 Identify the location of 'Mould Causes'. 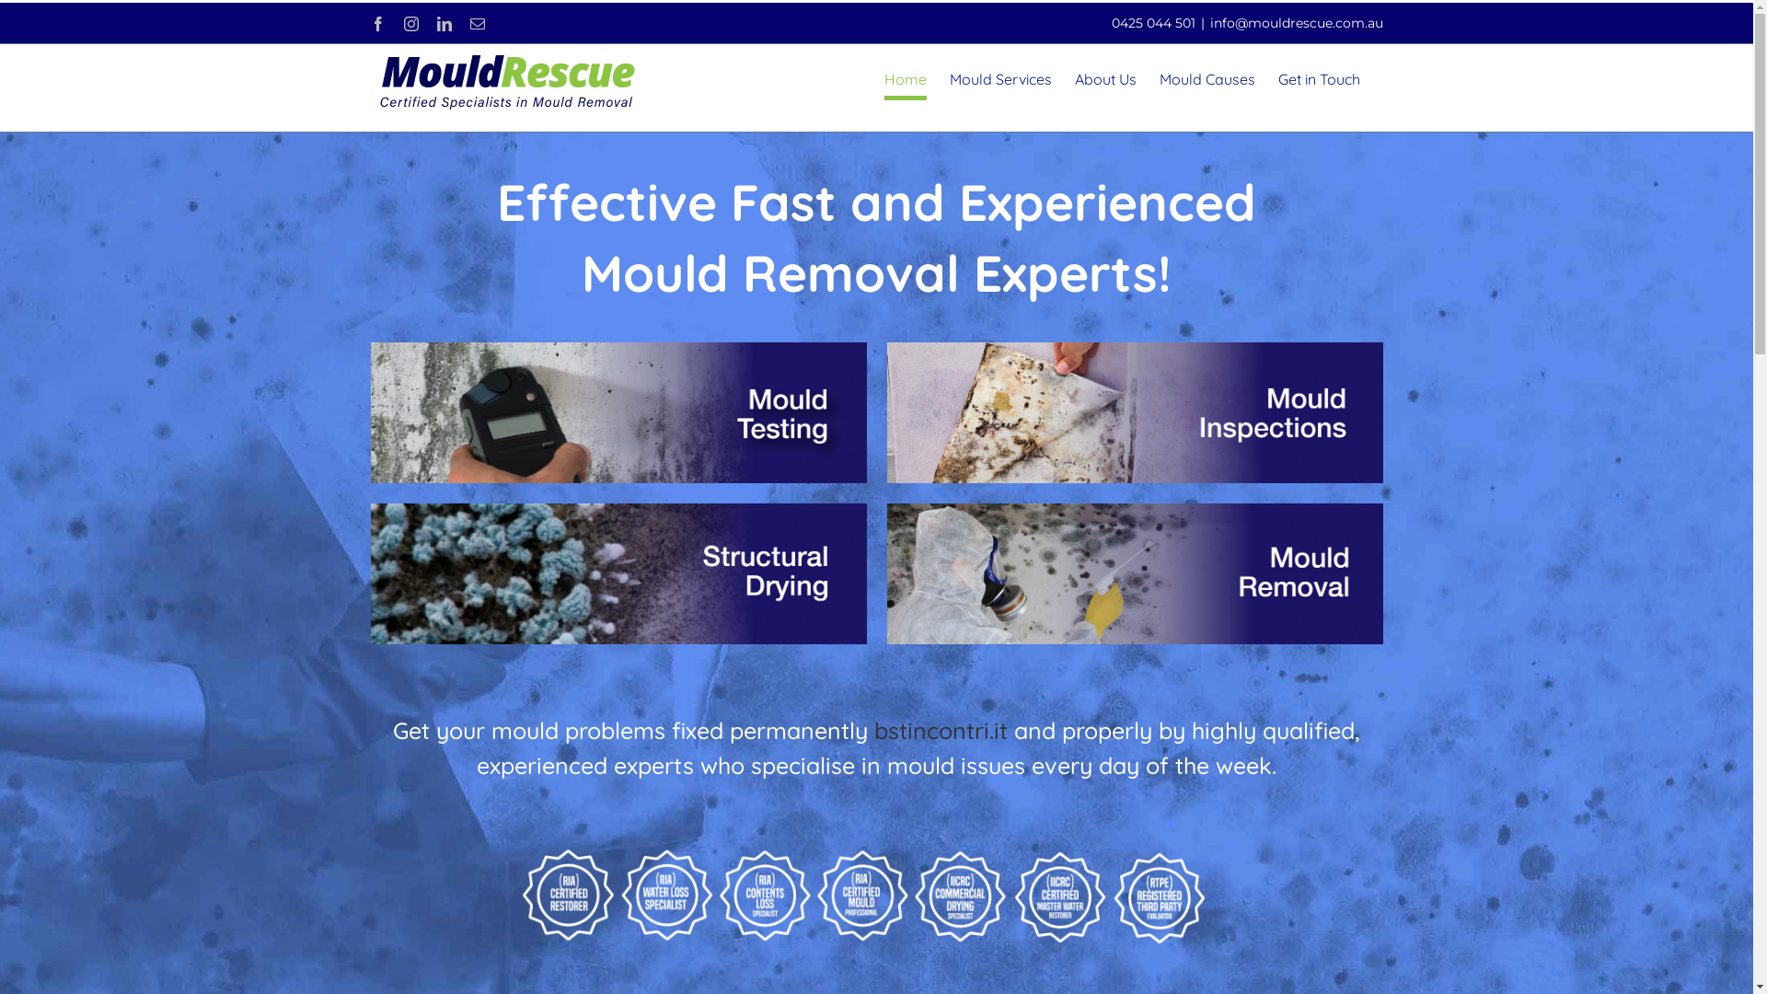
(1207, 77).